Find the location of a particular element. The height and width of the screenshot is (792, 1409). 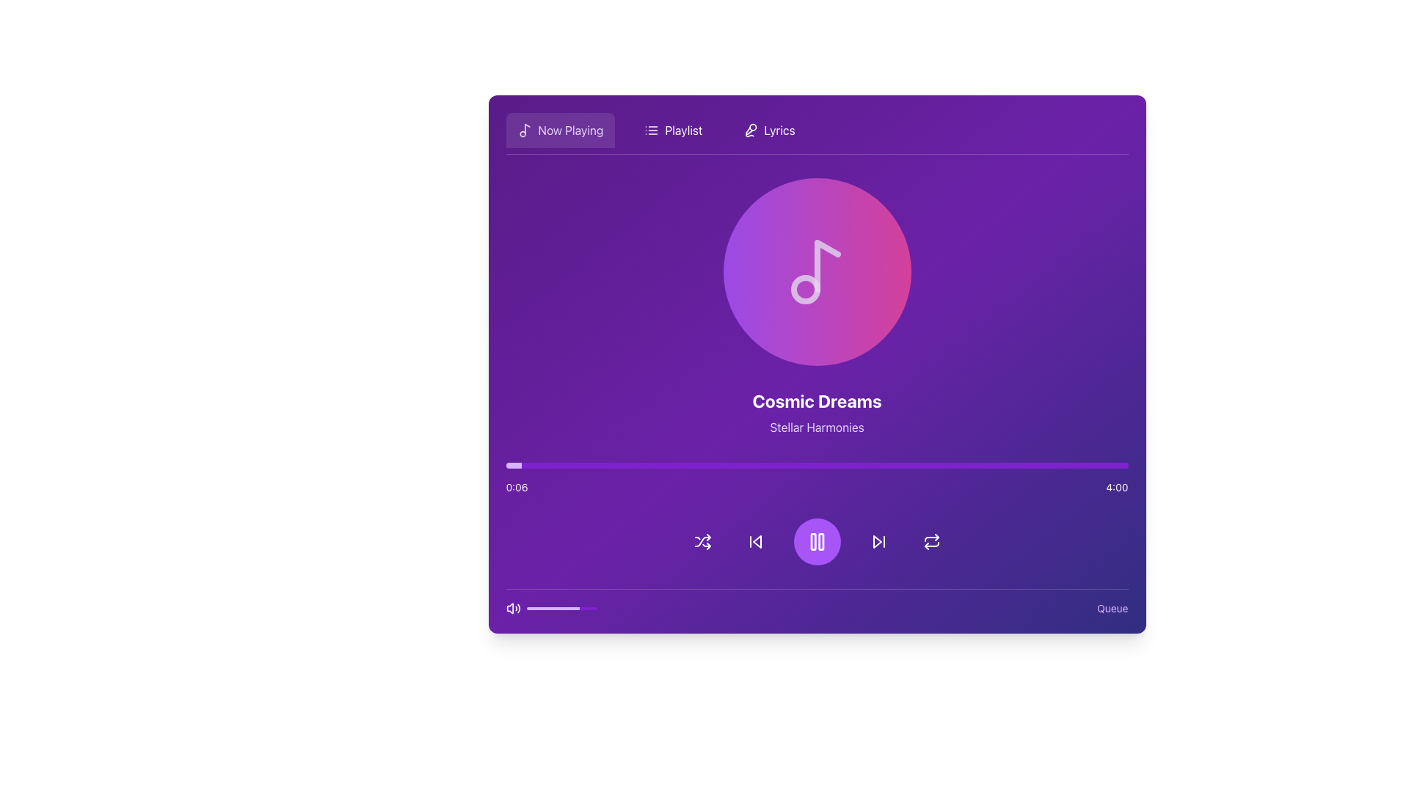

the circular graphic featuring a gradient background and a white musical note icon, located centrally within the upper section of the interface is located at coordinates (816, 271).